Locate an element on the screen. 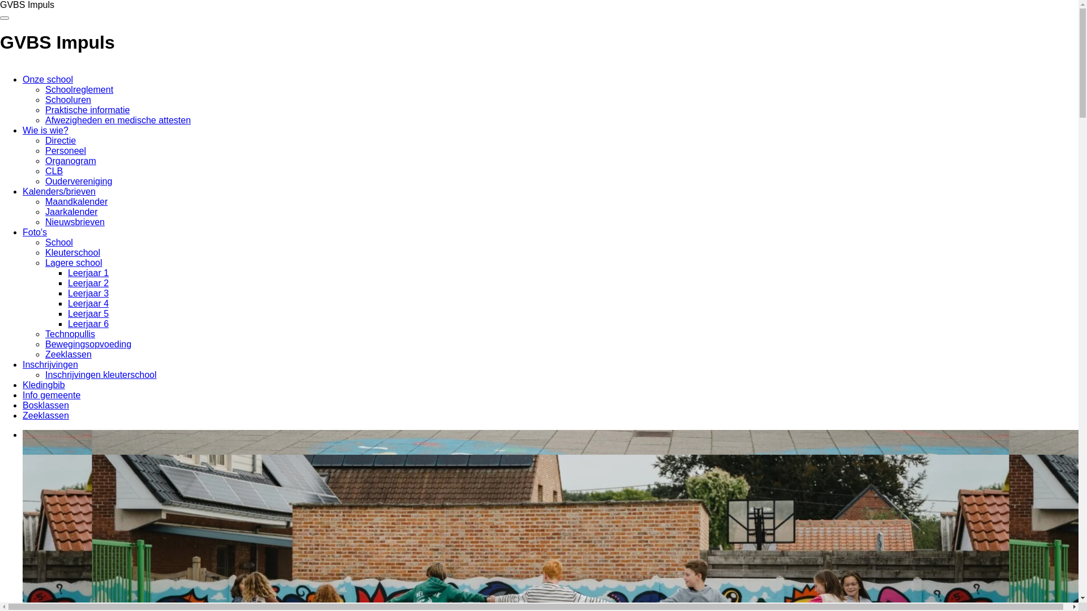 The height and width of the screenshot is (611, 1087). 'School' is located at coordinates (58, 242).